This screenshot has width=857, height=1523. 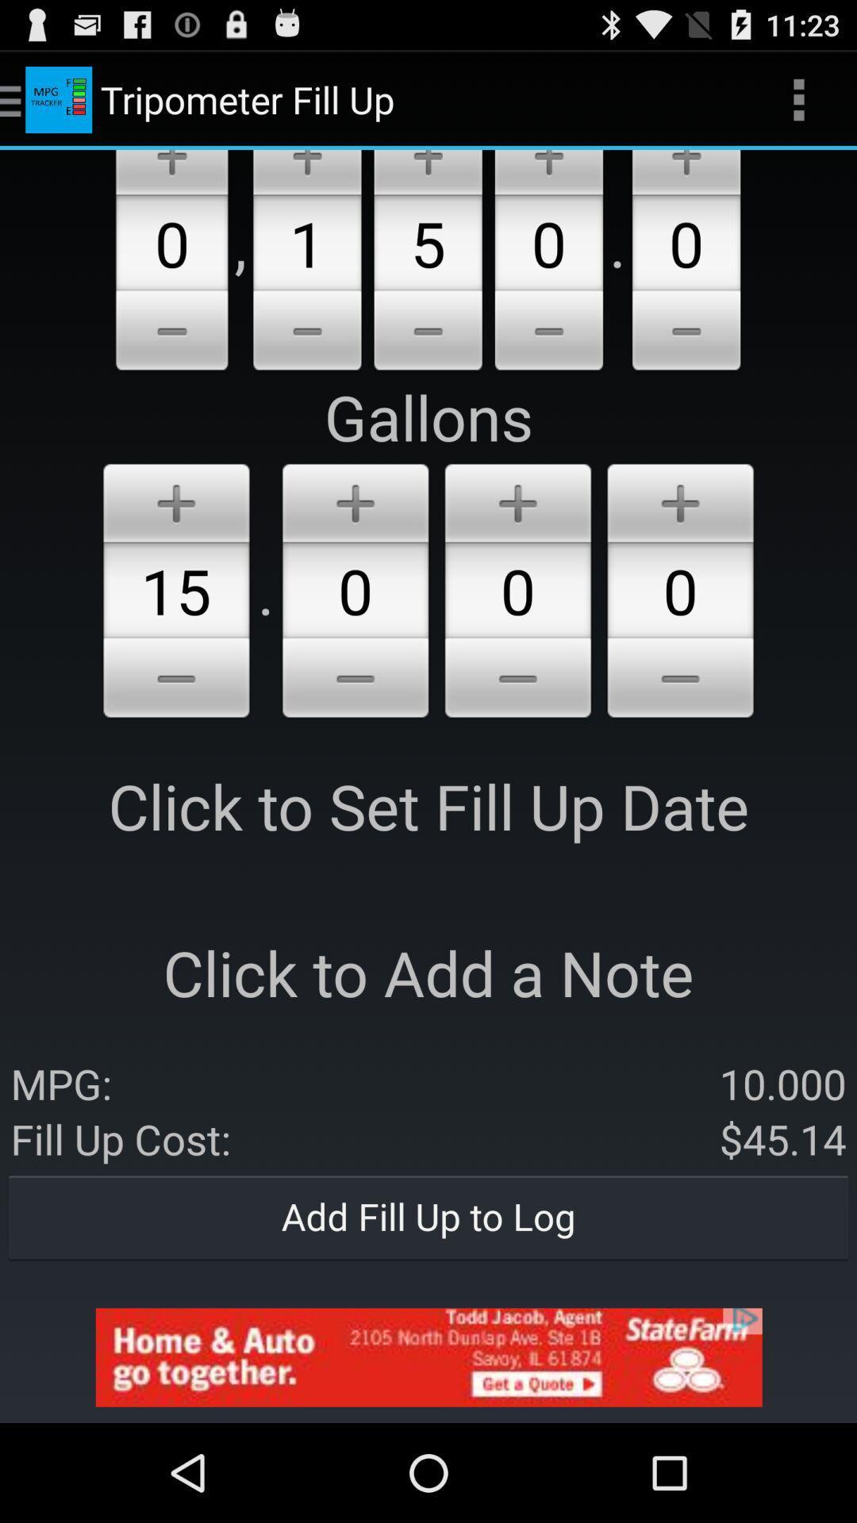 What do you see at coordinates (427, 172) in the screenshot?
I see `to the selection` at bounding box center [427, 172].